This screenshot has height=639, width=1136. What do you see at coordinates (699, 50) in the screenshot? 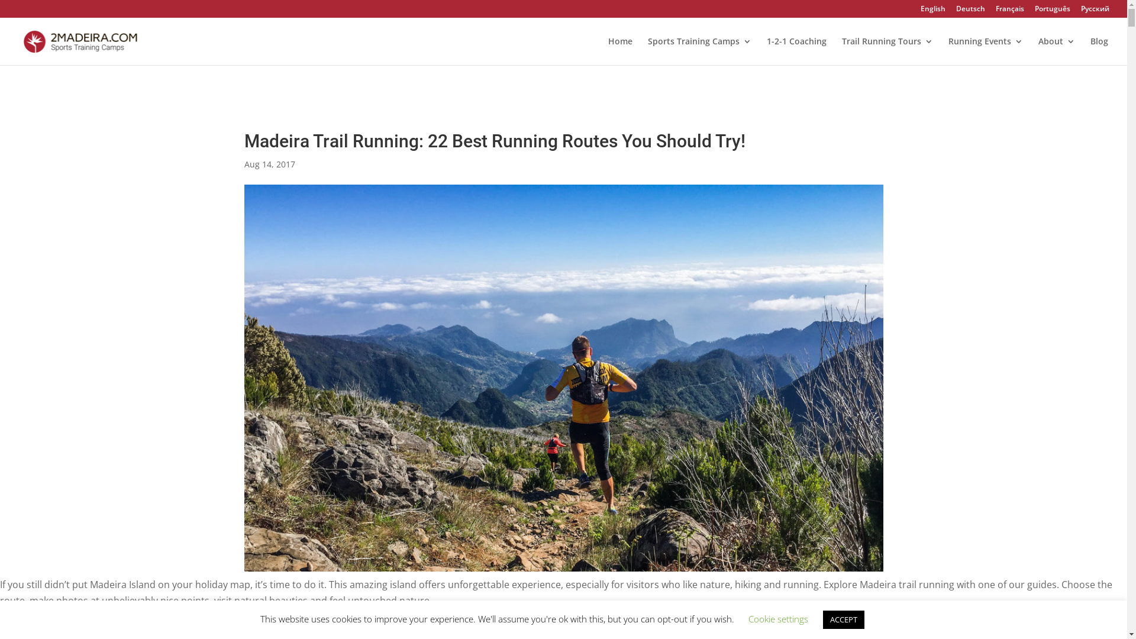
I see `'Sports Training Camps'` at bounding box center [699, 50].